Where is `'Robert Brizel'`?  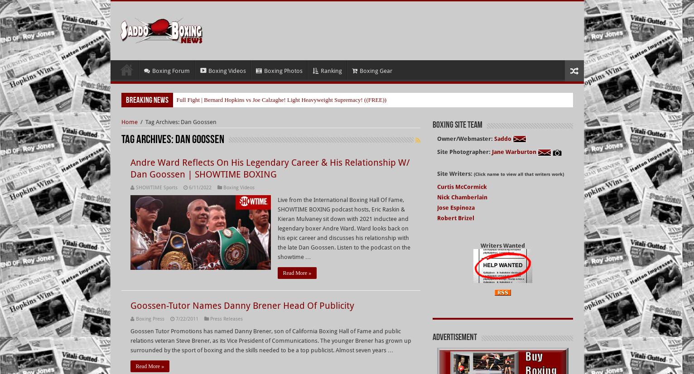
'Robert Brizel' is located at coordinates (455, 206).